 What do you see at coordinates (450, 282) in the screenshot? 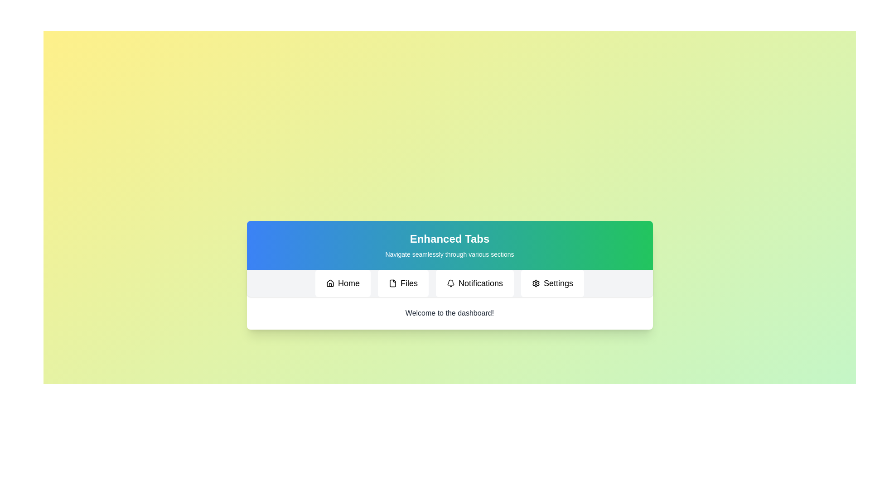
I see `the 'Notifications' icon in the navigation bar` at bounding box center [450, 282].